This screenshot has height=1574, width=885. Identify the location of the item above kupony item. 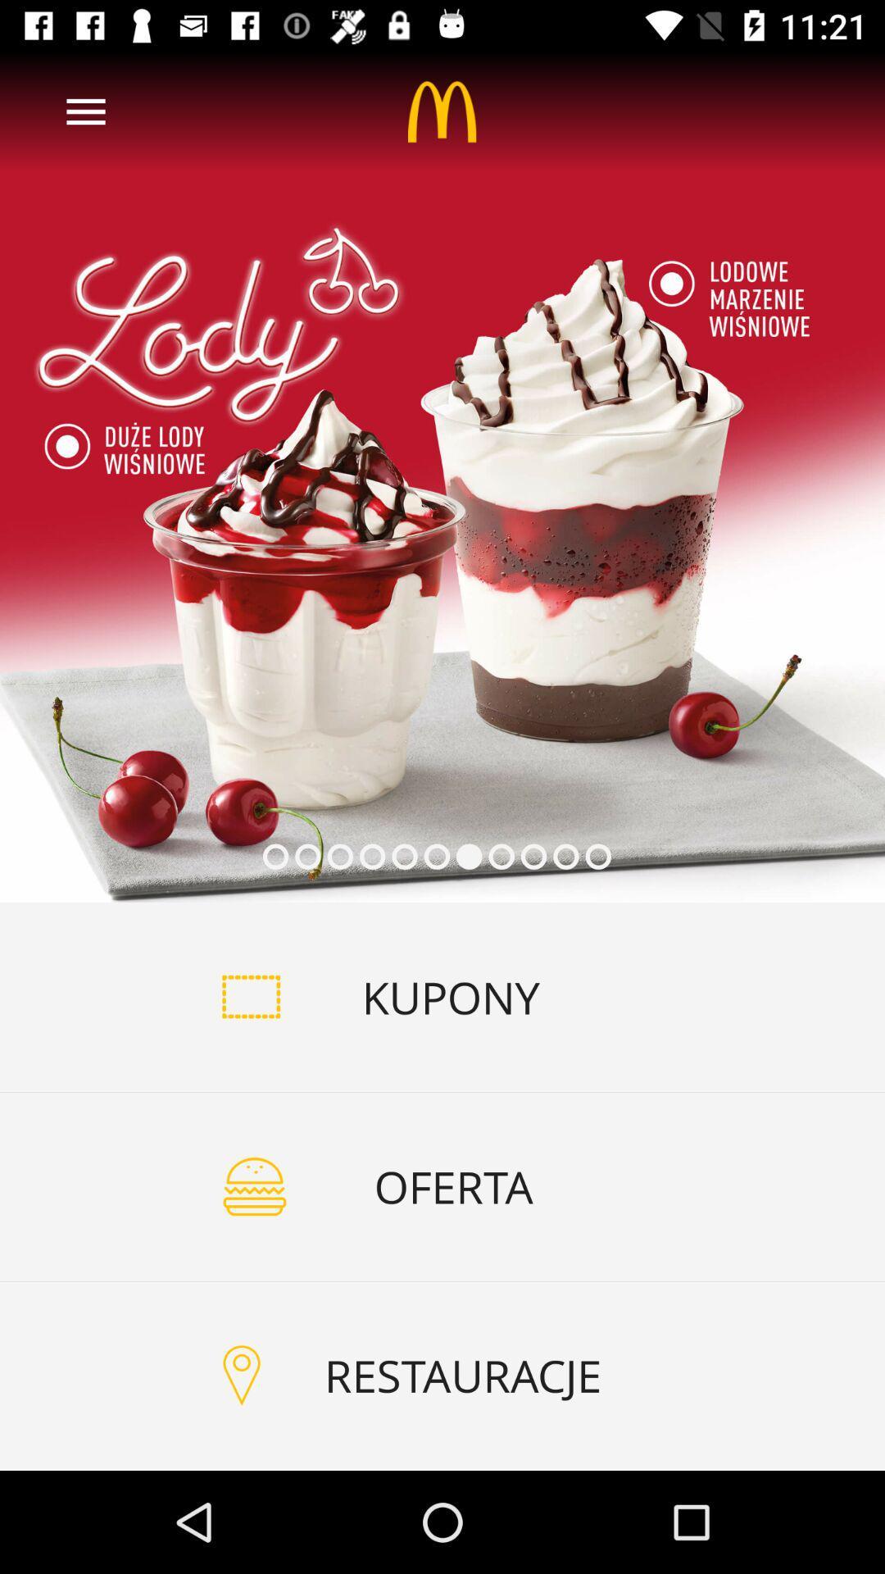
(442, 475).